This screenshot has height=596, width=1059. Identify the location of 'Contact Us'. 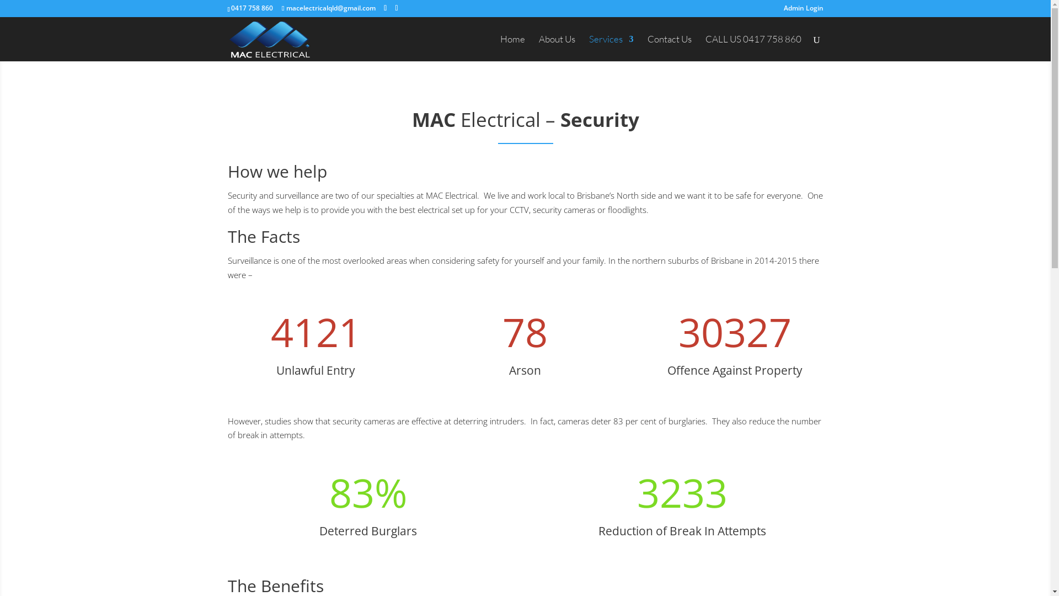
(669, 47).